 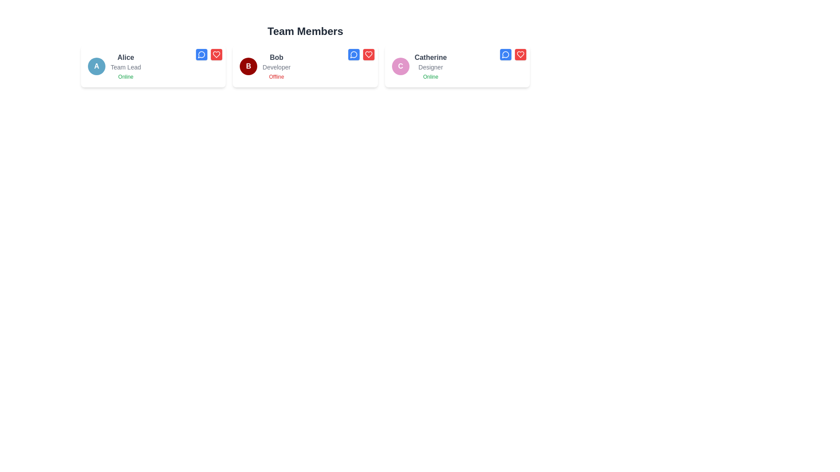 What do you see at coordinates (201, 54) in the screenshot?
I see `the message initiation button located in the top-right corner of Alice's user card` at bounding box center [201, 54].